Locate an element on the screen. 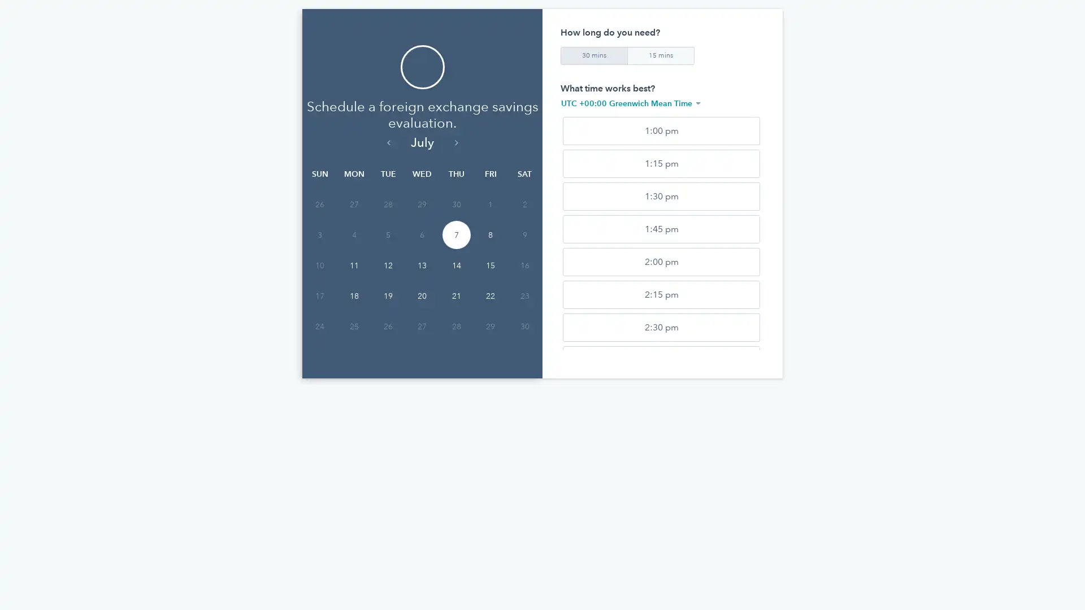 Image resolution: width=1085 pixels, height=610 pixels. July 18th is located at coordinates (353, 295).